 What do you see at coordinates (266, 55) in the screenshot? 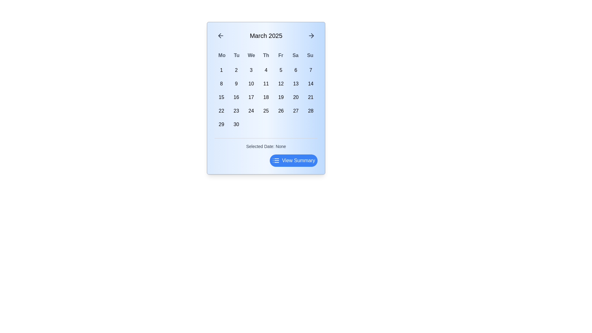
I see `the static text label displaying 'Th', which is the fourth item in a sequence of day abbreviations in the calendar header, positioned between 'We' and 'Fr'` at bounding box center [266, 55].